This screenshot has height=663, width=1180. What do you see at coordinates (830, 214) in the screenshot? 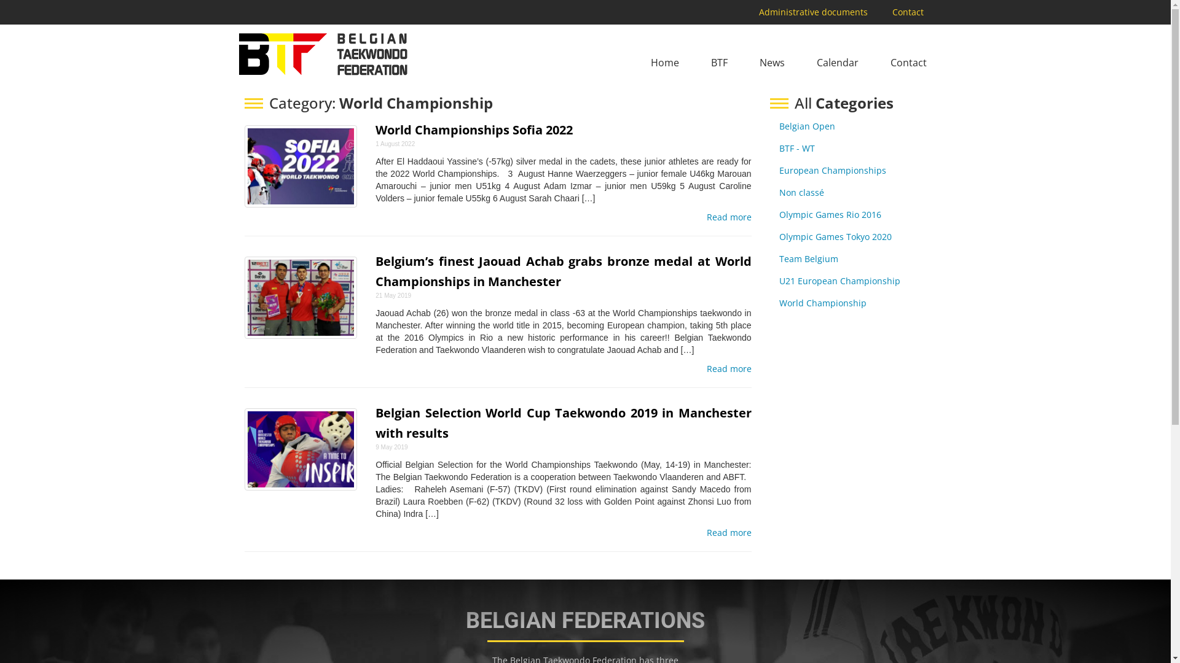
I see `'Olympic Games Rio 2016'` at bounding box center [830, 214].